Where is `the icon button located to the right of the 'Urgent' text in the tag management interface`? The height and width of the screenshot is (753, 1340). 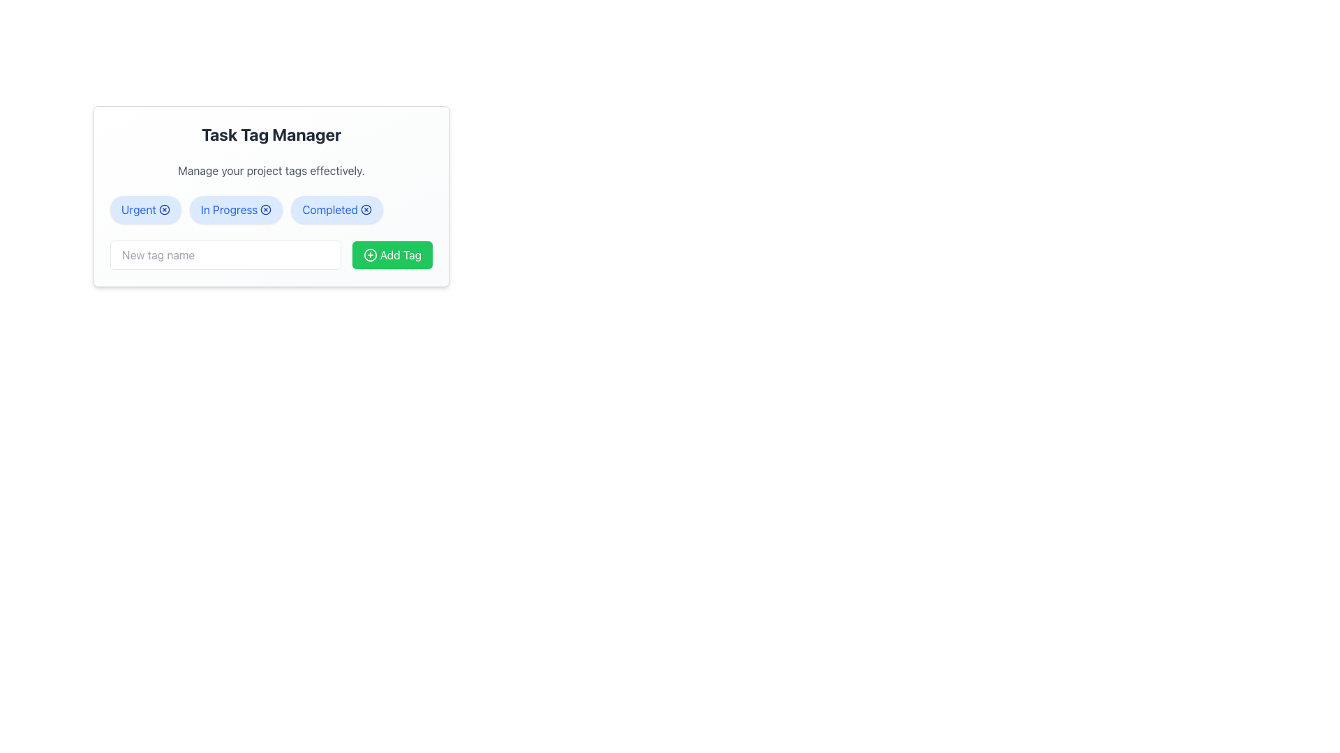 the icon button located to the right of the 'Urgent' text in the tag management interface is located at coordinates (164, 209).